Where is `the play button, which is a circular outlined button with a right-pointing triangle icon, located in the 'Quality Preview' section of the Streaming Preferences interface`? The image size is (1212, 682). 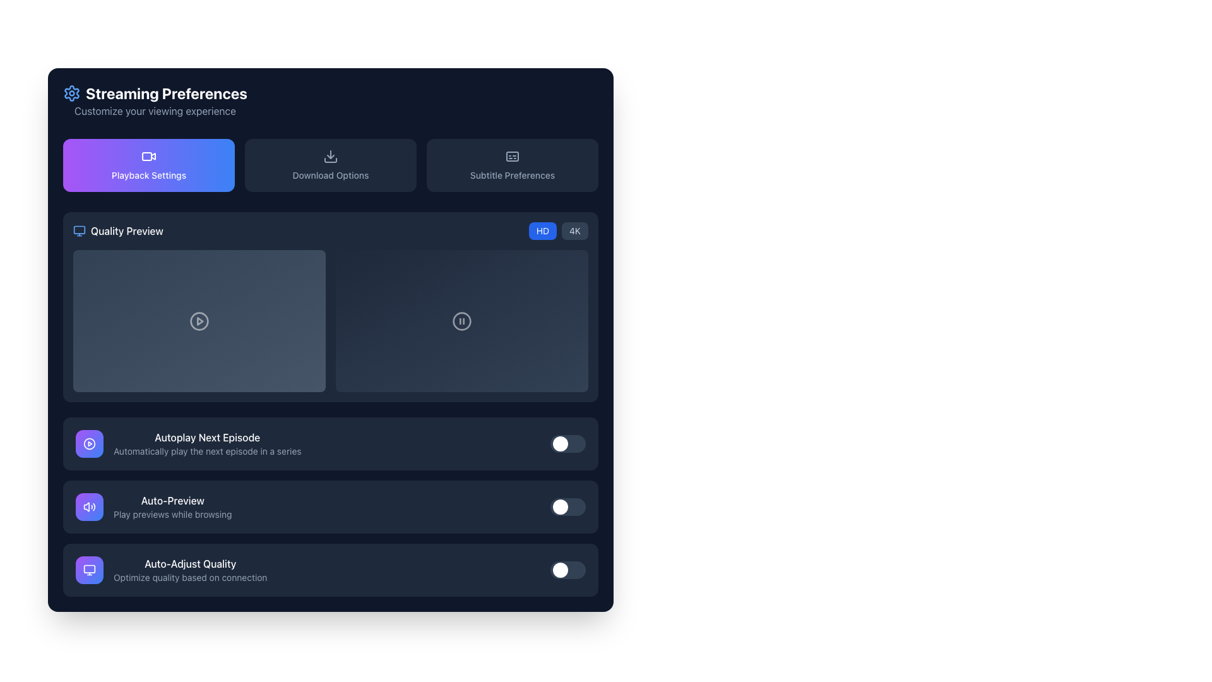 the play button, which is a circular outlined button with a right-pointing triangle icon, located in the 'Quality Preview' section of the Streaming Preferences interface is located at coordinates (199, 320).